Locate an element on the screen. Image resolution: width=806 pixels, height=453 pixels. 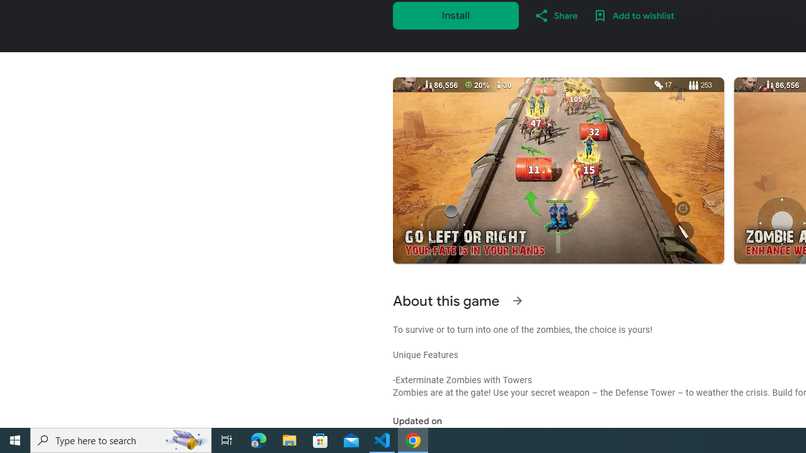
'Install' is located at coordinates (455, 15).